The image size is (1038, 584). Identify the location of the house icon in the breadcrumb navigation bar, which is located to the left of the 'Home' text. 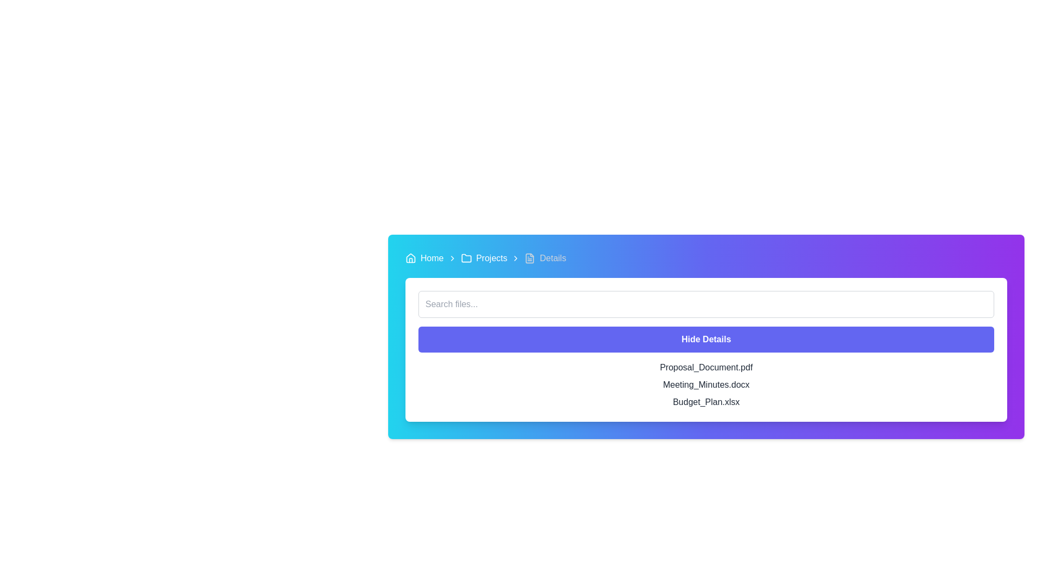
(410, 258).